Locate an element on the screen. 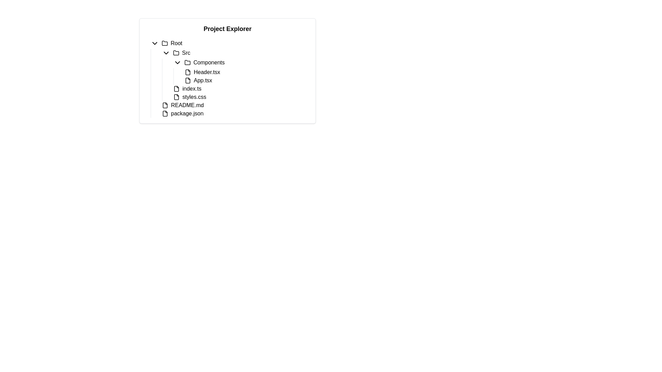  to select the Tree node representing 'ComponentsHeader.tsxApp.tsx' located under the 'Src' directory in the 'Components' folder of the project explorer is located at coordinates (241, 72).